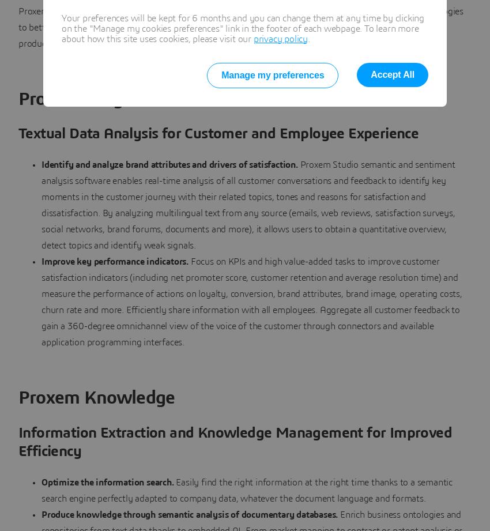  I want to click on 'Proxem Studio semantic and sentiment analysis software enables real-time analysis of all customer conversations and feedback to identify key moments in the customer journey with their related topics, tones and reasons for satisfaction and dissatisfaction. By analyzing multilingual text from any source (emails, web reviews, satisfaction surveys, social networks, brand forums, documents and more), it allows users to obtain a quantitative overview, detect topics and identify weak signals.', so click(247, 205).